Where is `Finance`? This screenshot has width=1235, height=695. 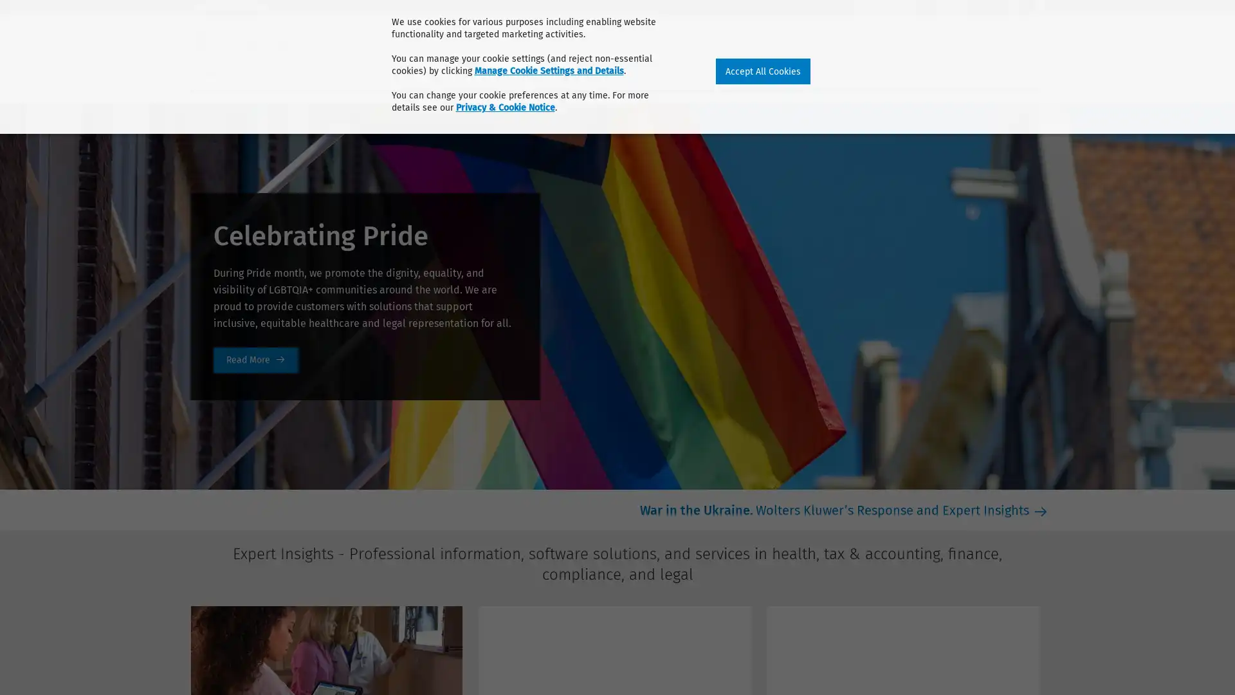 Finance is located at coordinates (404, 72).